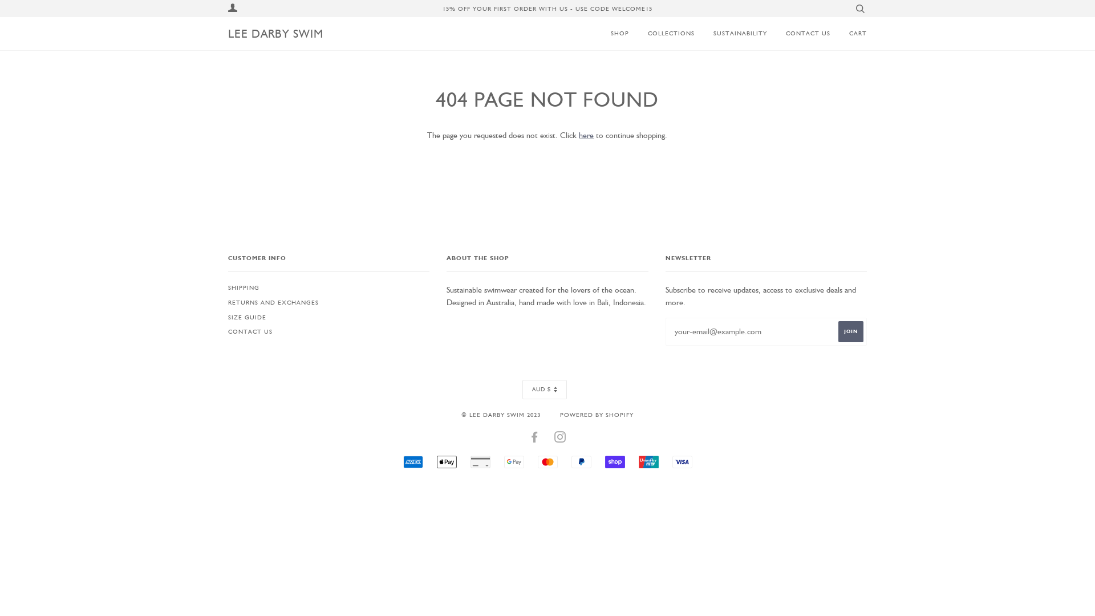 This screenshot has height=616, width=1095. What do you see at coordinates (246, 317) in the screenshot?
I see `'SIZE GUIDE'` at bounding box center [246, 317].